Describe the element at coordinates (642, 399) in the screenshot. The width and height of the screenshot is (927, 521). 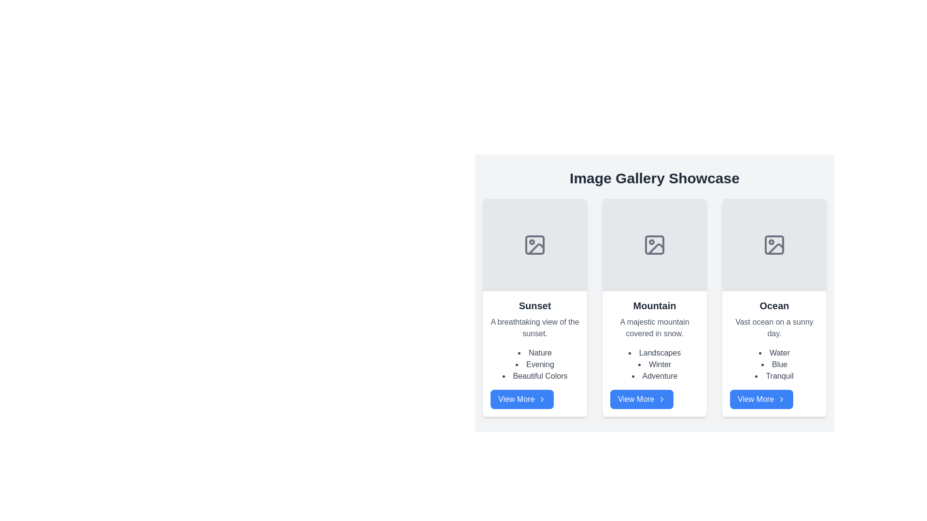
I see `the 'View More' button` at that location.